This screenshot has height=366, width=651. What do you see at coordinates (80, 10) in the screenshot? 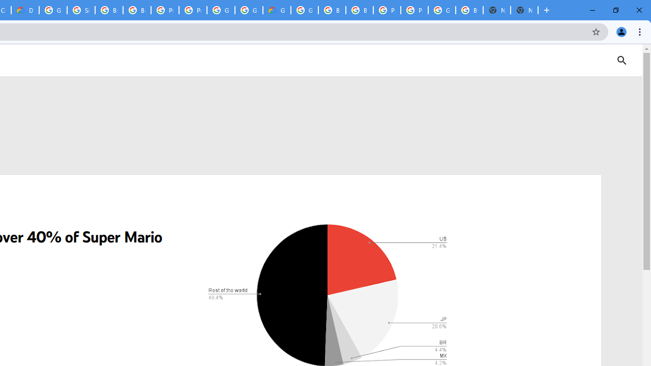
I see `'Sign in - Google Accounts'` at bounding box center [80, 10].